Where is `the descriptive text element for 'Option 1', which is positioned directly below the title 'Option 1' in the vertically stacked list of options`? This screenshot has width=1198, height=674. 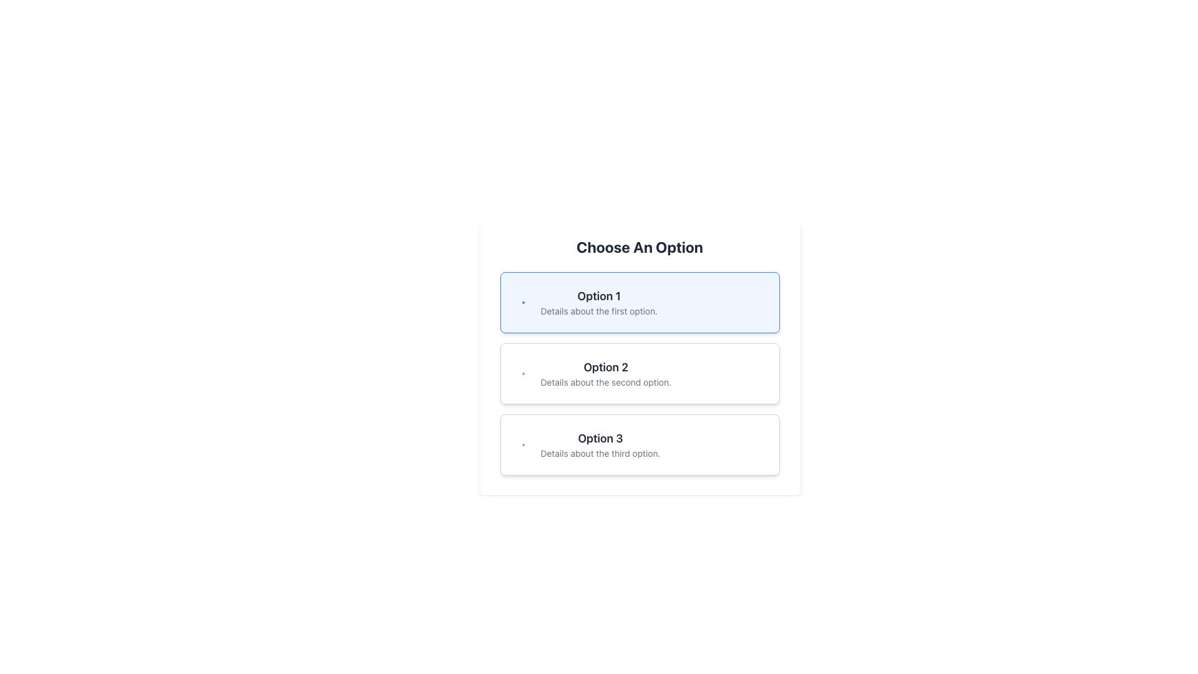
the descriptive text element for 'Option 1', which is positioned directly below the title 'Option 1' in the vertically stacked list of options is located at coordinates (599, 310).